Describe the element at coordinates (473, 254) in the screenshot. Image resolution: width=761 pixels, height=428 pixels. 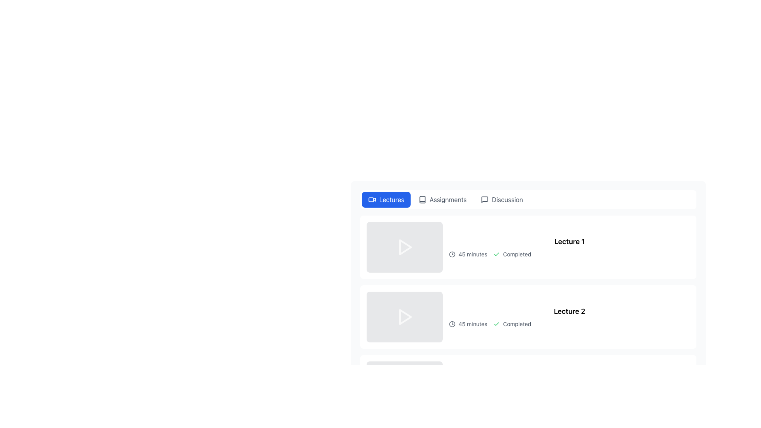
I see `text displayed in the Text label that shows '45 minutes', which is styled in a small gray font and located near a clock icon on the left and the word 'Completed' on the right` at that location.